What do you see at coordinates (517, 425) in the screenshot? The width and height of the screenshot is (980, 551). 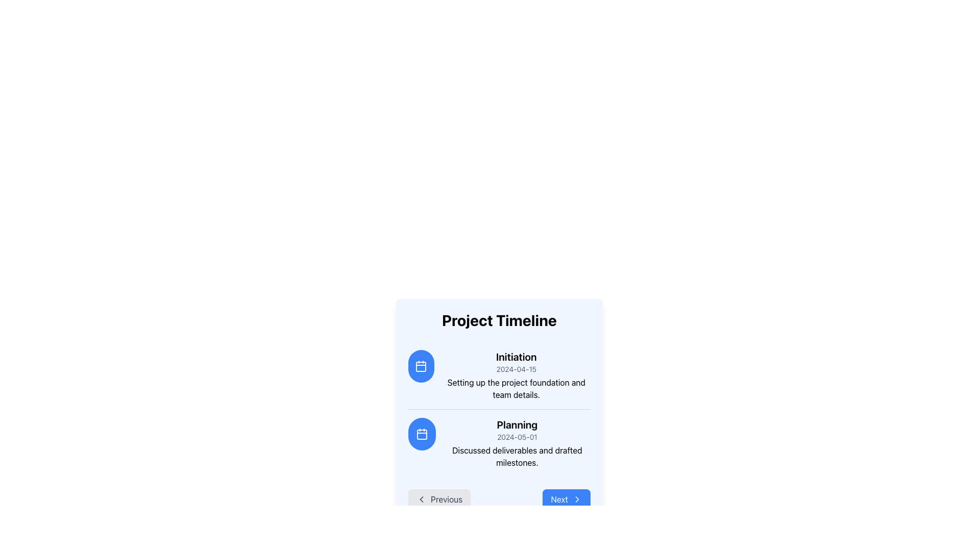 I see `the Text Label that displays 'Planning', which is prominently styled and positioned above the date and description within the project timeline` at bounding box center [517, 425].